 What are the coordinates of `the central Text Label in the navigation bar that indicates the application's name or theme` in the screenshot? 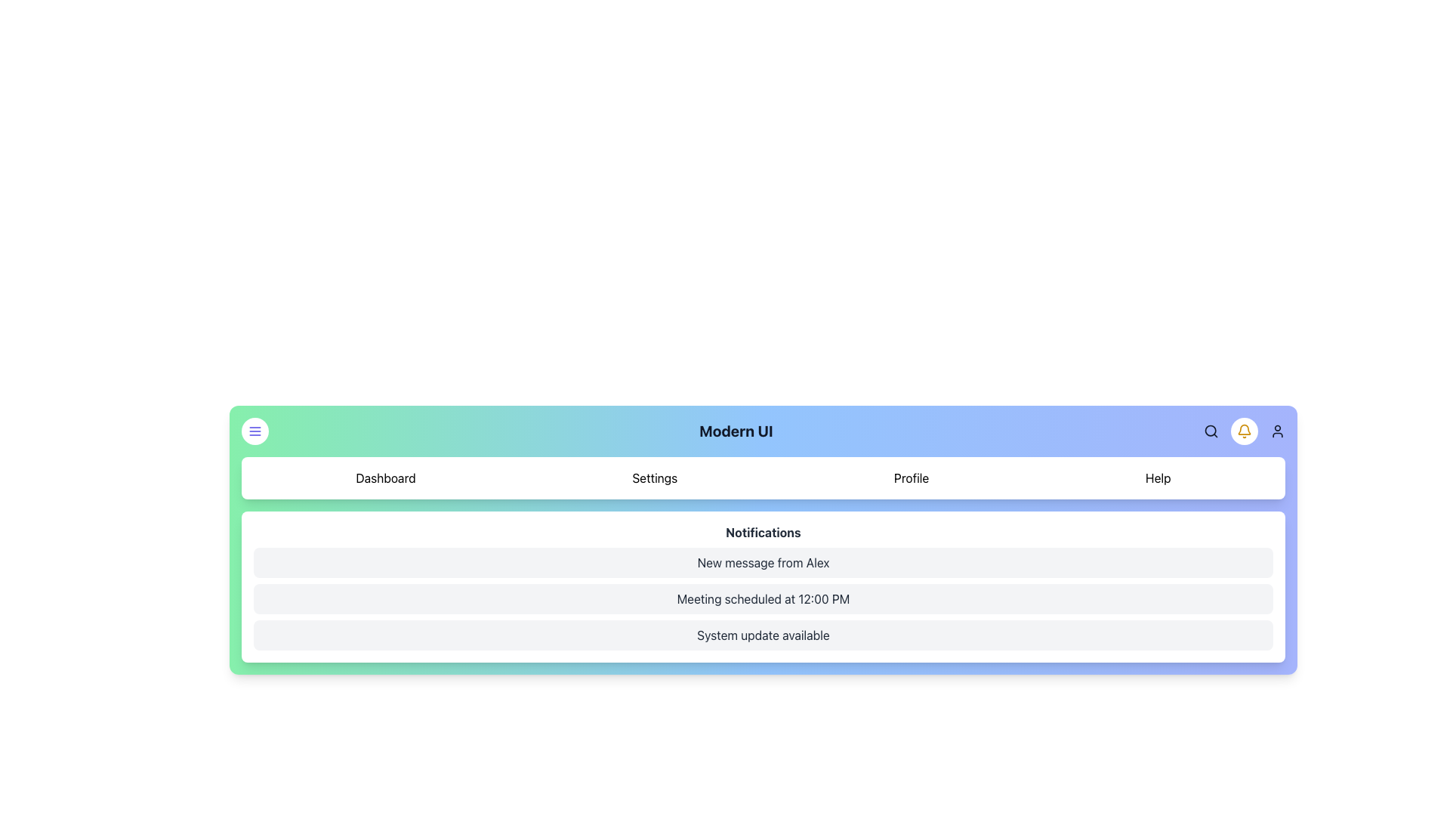 It's located at (736, 431).